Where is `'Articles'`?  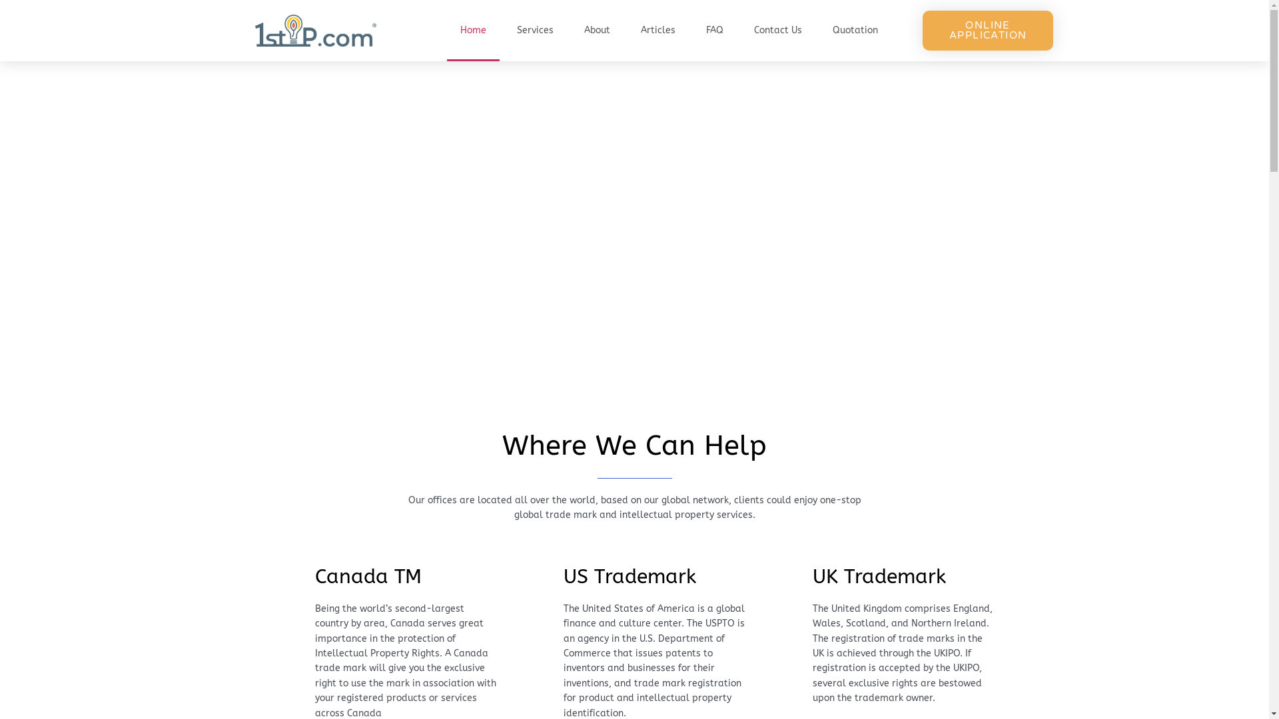
'Articles' is located at coordinates (658, 30).